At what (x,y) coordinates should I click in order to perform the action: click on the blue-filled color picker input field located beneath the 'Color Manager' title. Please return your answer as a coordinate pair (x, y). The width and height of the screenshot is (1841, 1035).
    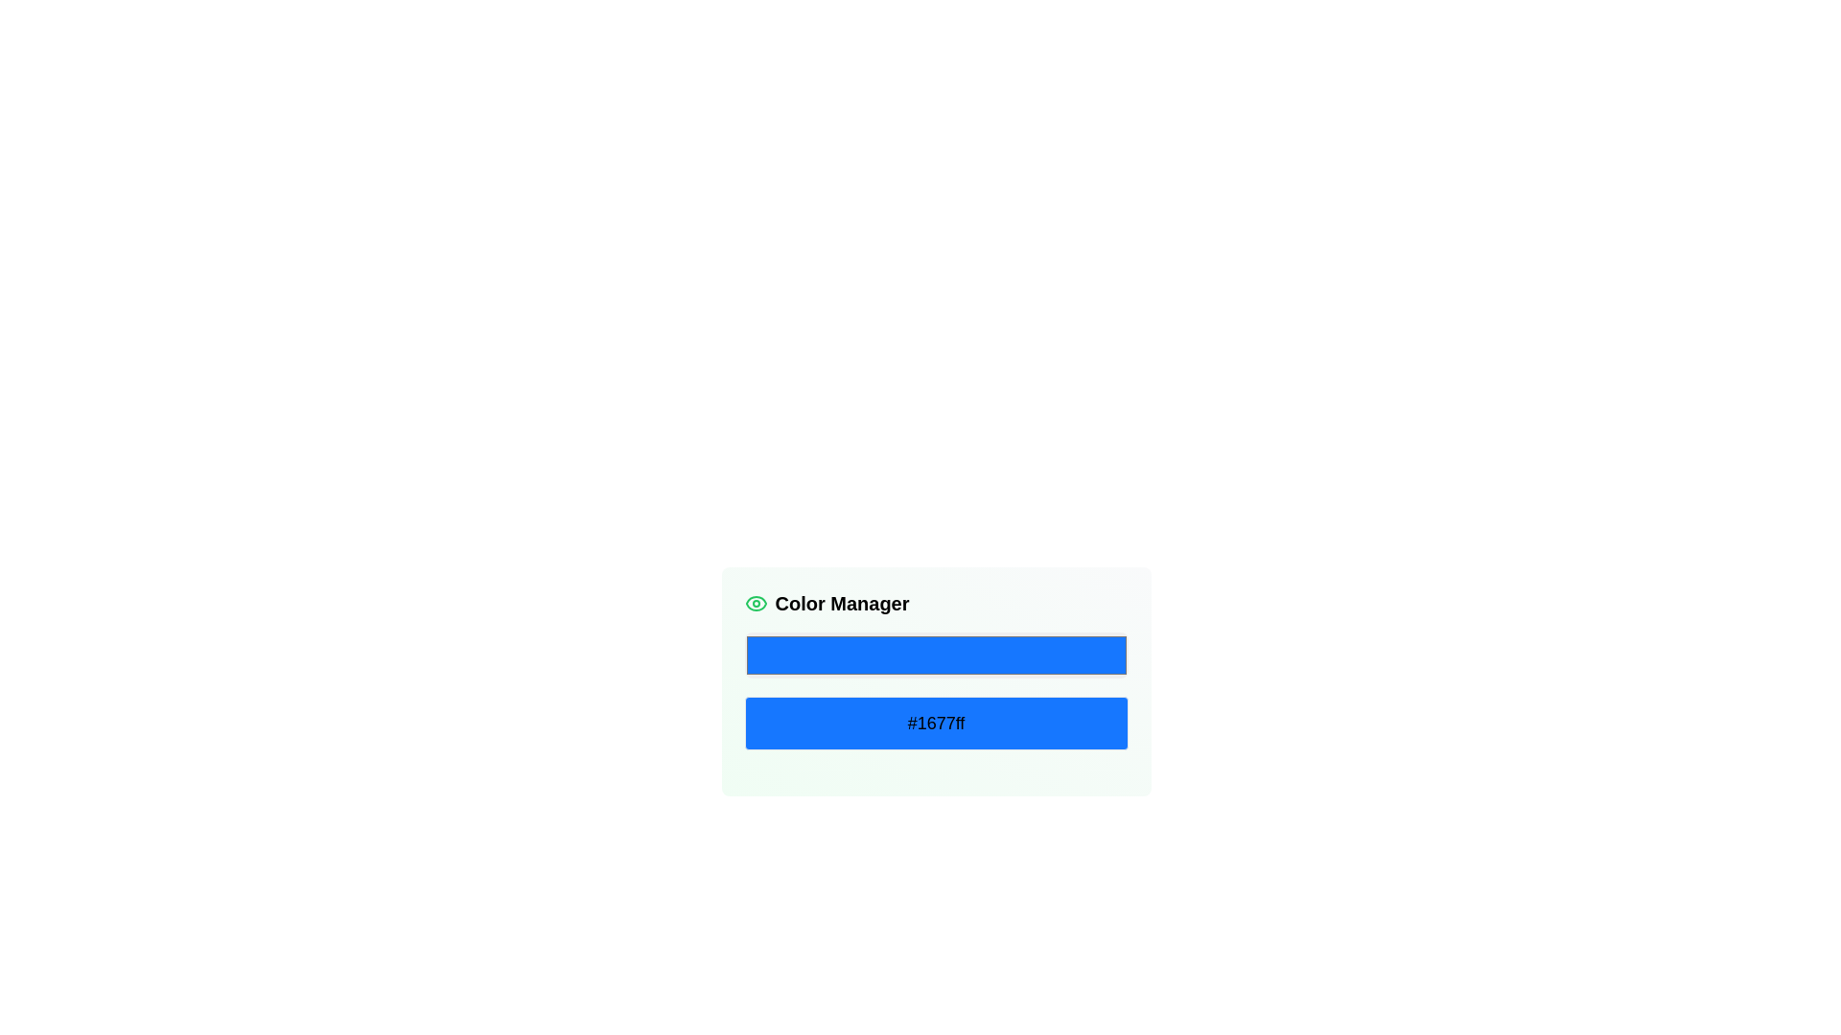
    Looking at the image, I should click on (936, 654).